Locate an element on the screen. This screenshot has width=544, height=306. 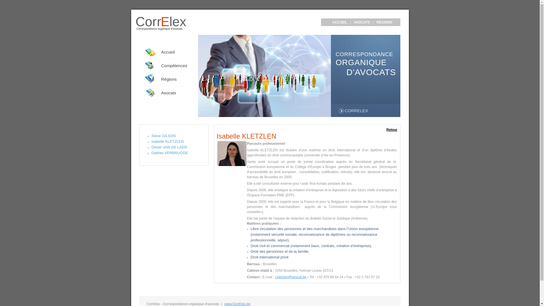
'Avocats' is located at coordinates (143, 92).